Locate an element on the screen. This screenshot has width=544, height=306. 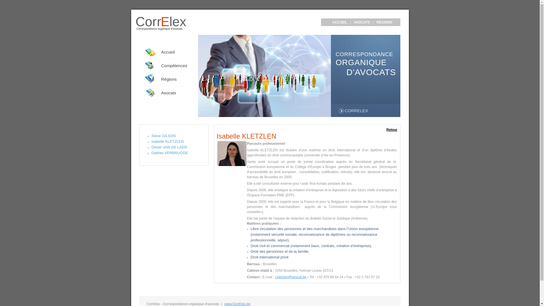
'Avocats' is located at coordinates (143, 92).